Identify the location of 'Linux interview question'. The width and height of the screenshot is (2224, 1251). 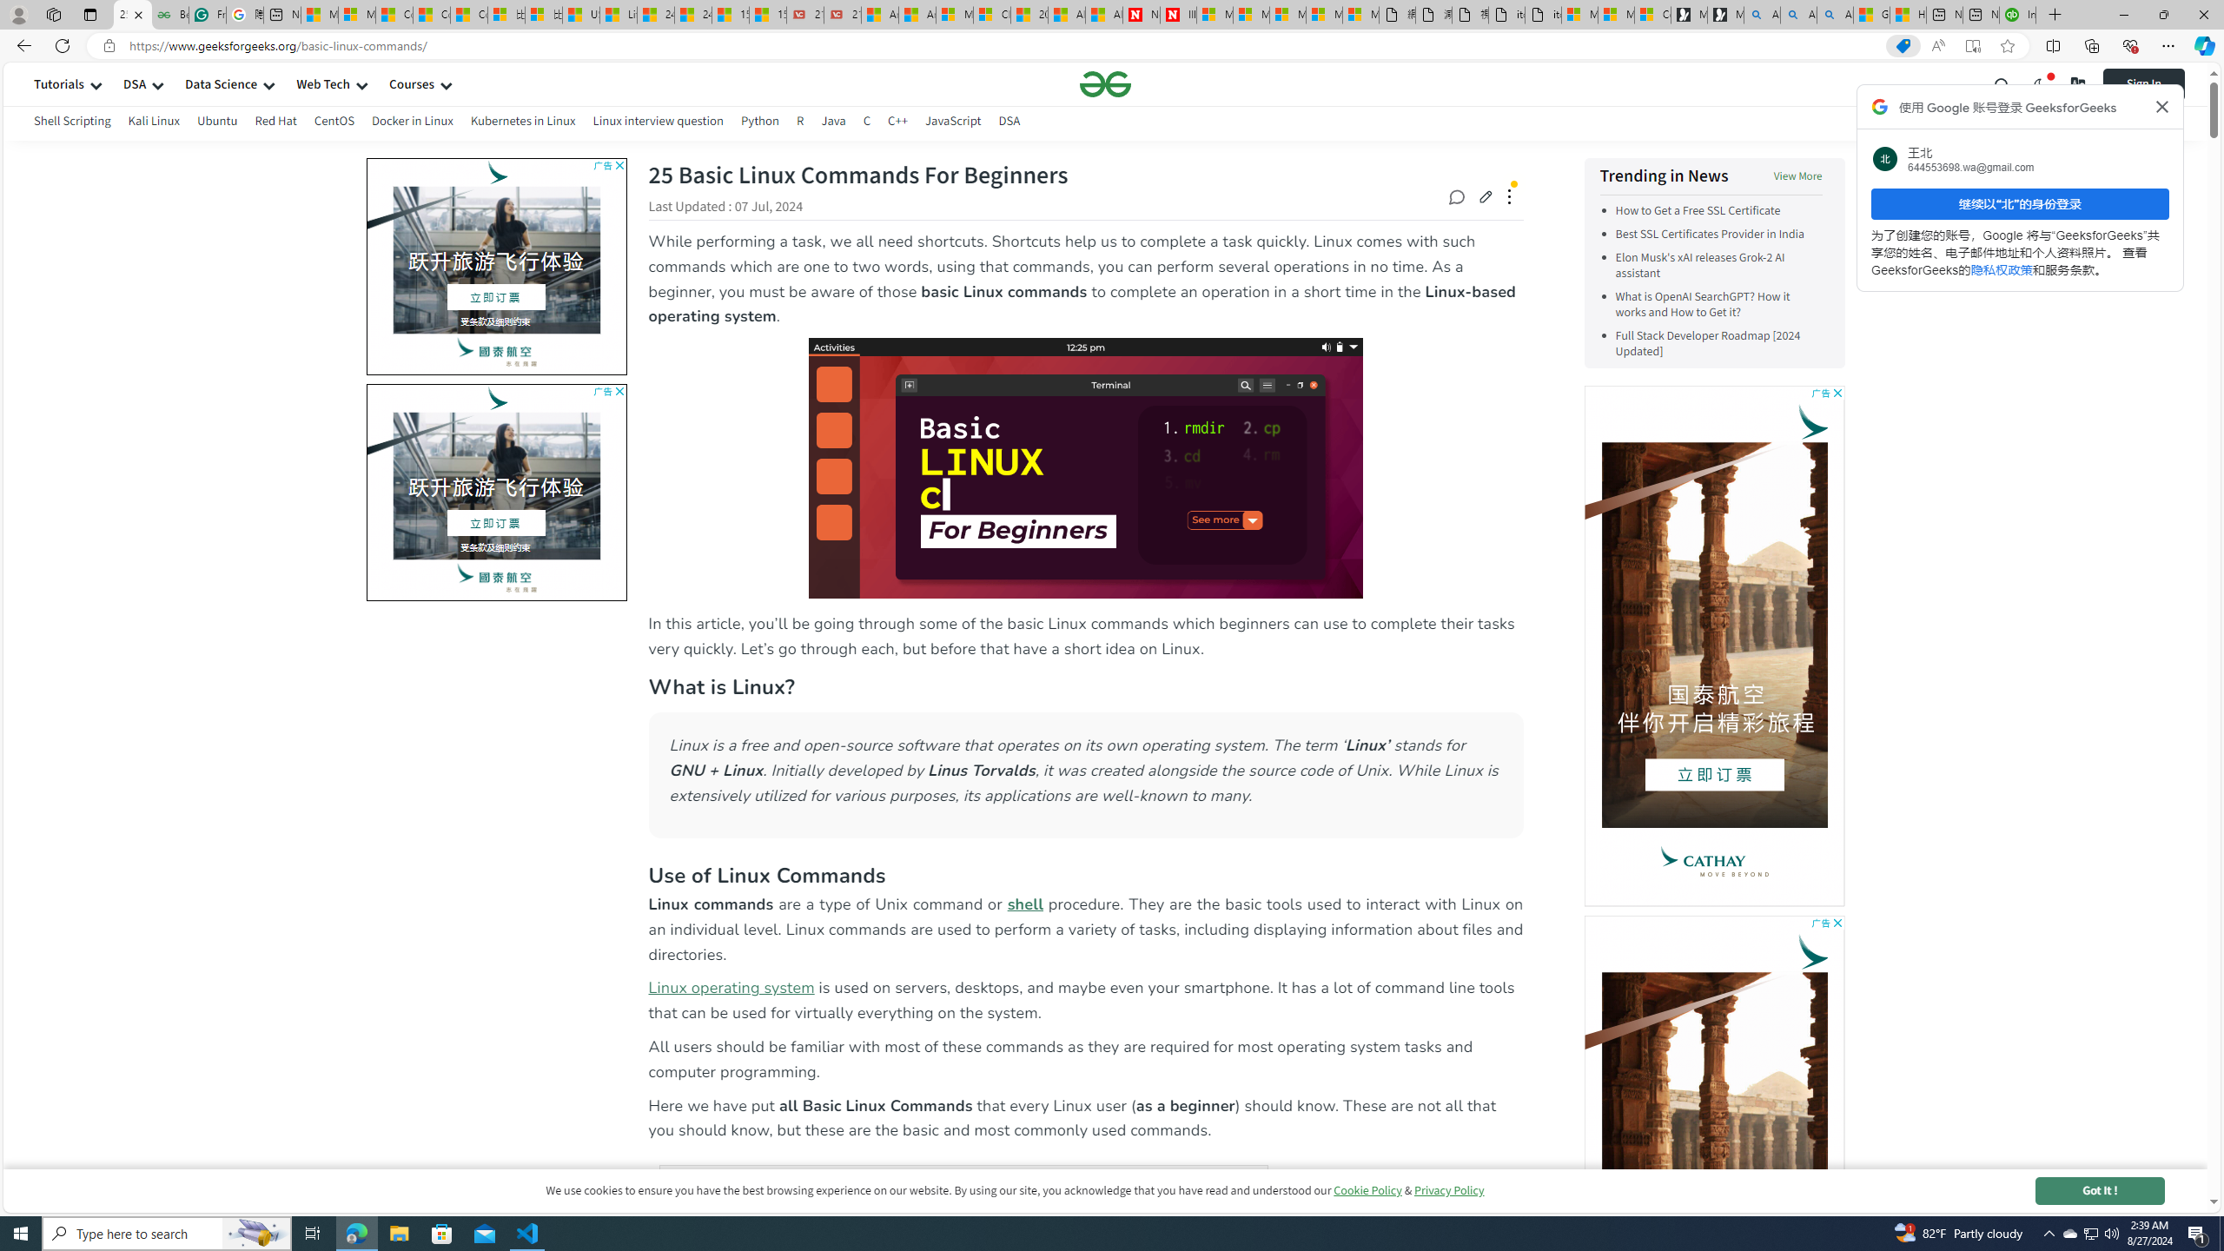
(656, 122).